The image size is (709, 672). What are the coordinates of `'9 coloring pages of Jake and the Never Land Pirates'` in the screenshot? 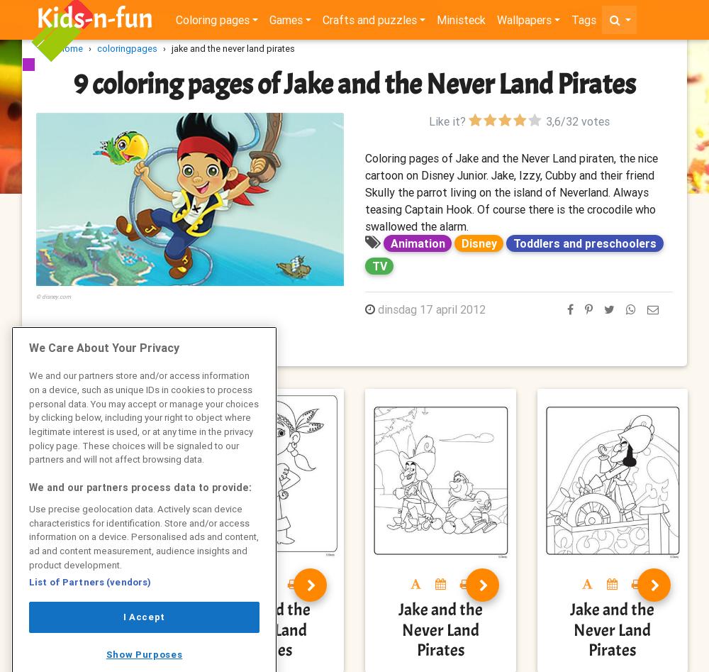 It's located at (353, 82).